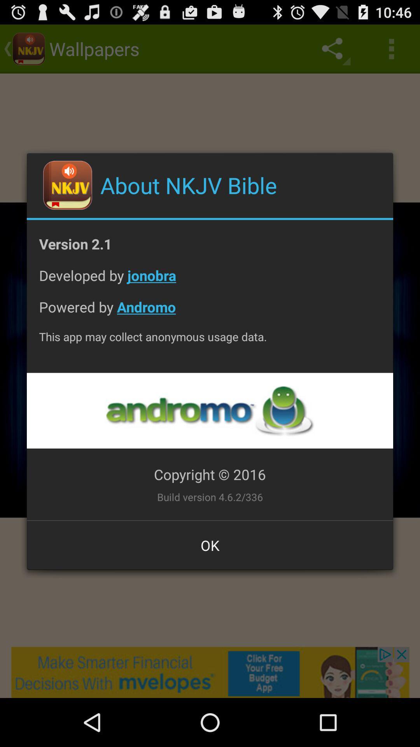 Image resolution: width=420 pixels, height=747 pixels. What do you see at coordinates (210, 281) in the screenshot?
I see `the developed by jonobra item` at bounding box center [210, 281].